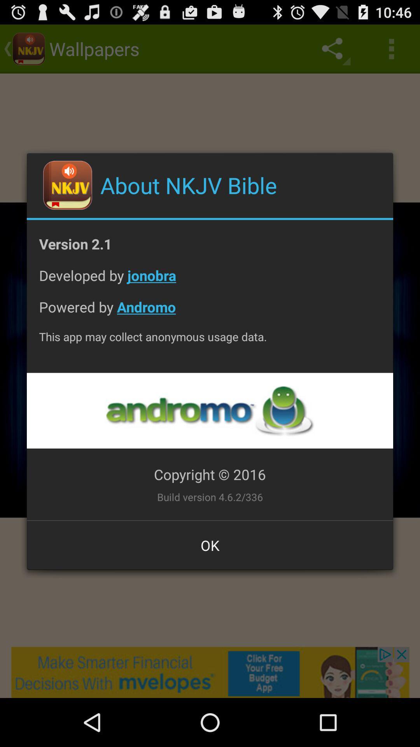 Image resolution: width=420 pixels, height=747 pixels. What do you see at coordinates (210, 281) in the screenshot?
I see `the developed by jonobra item` at bounding box center [210, 281].